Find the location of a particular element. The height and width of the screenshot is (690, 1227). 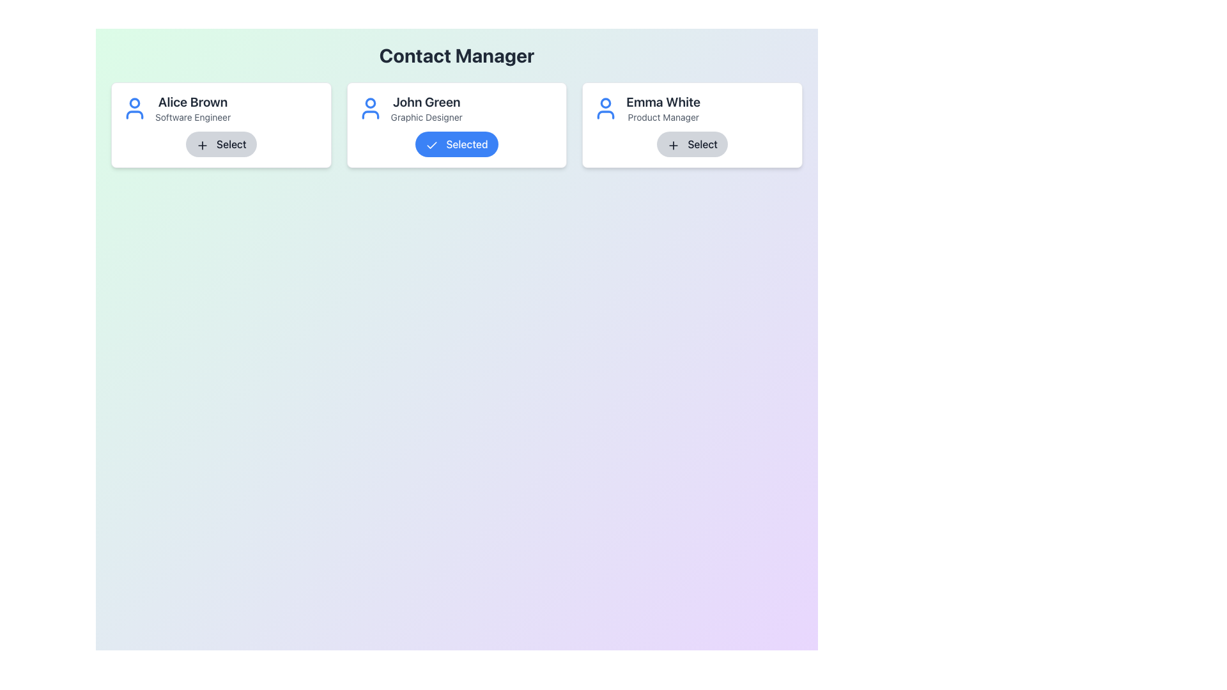

the Decorative SVG Shape that visually indicates a component of Alice Brown's profile icon, located within the upper section of the profile card is located at coordinates (135, 102).